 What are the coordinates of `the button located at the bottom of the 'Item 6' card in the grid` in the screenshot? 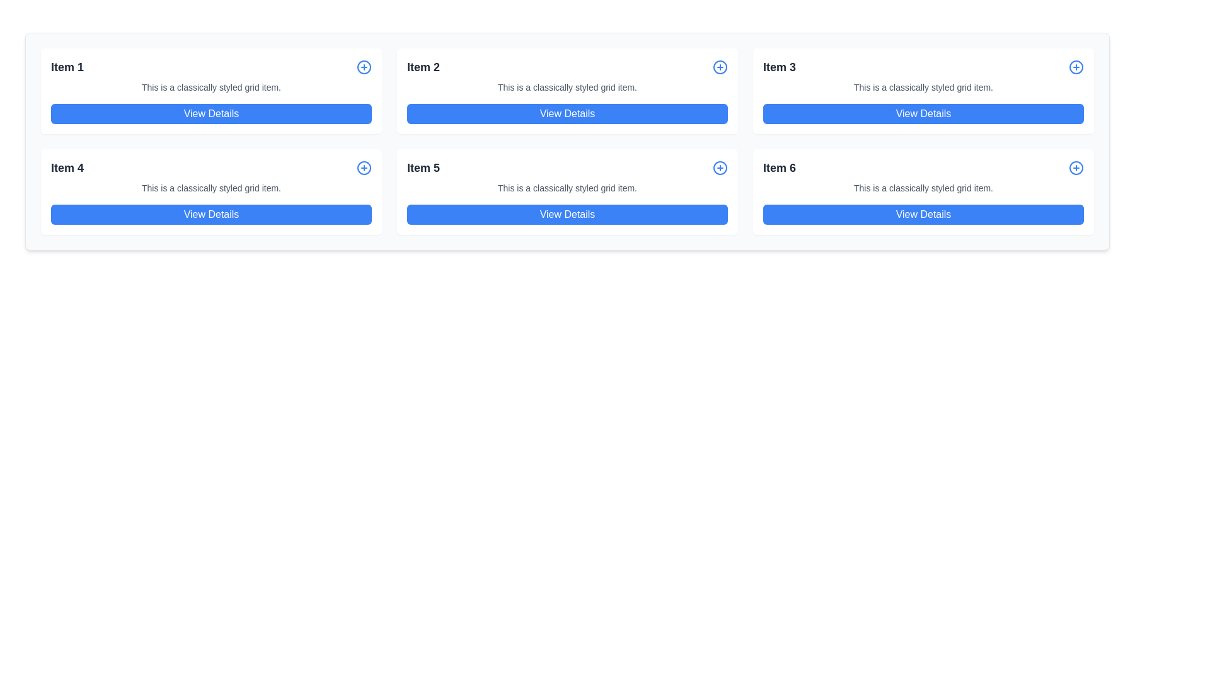 It's located at (923, 213).